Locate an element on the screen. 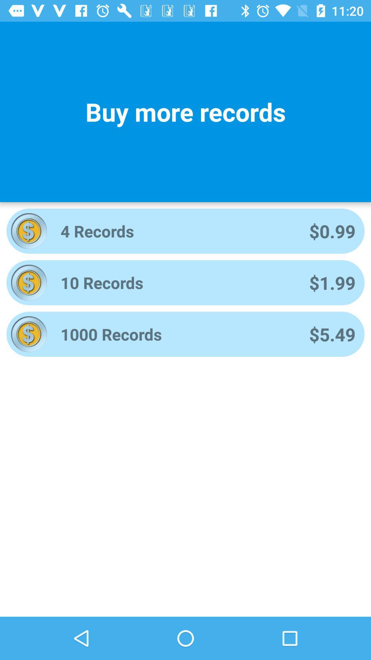  item below the buy more records app is located at coordinates (175, 231).